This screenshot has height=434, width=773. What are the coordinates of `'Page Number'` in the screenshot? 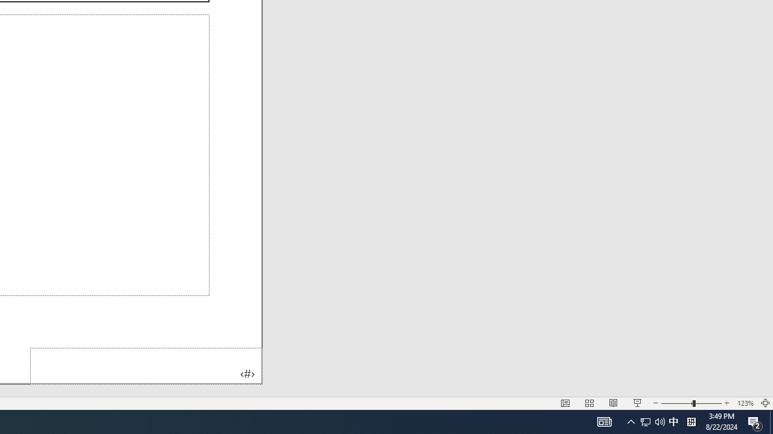 It's located at (146, 365).